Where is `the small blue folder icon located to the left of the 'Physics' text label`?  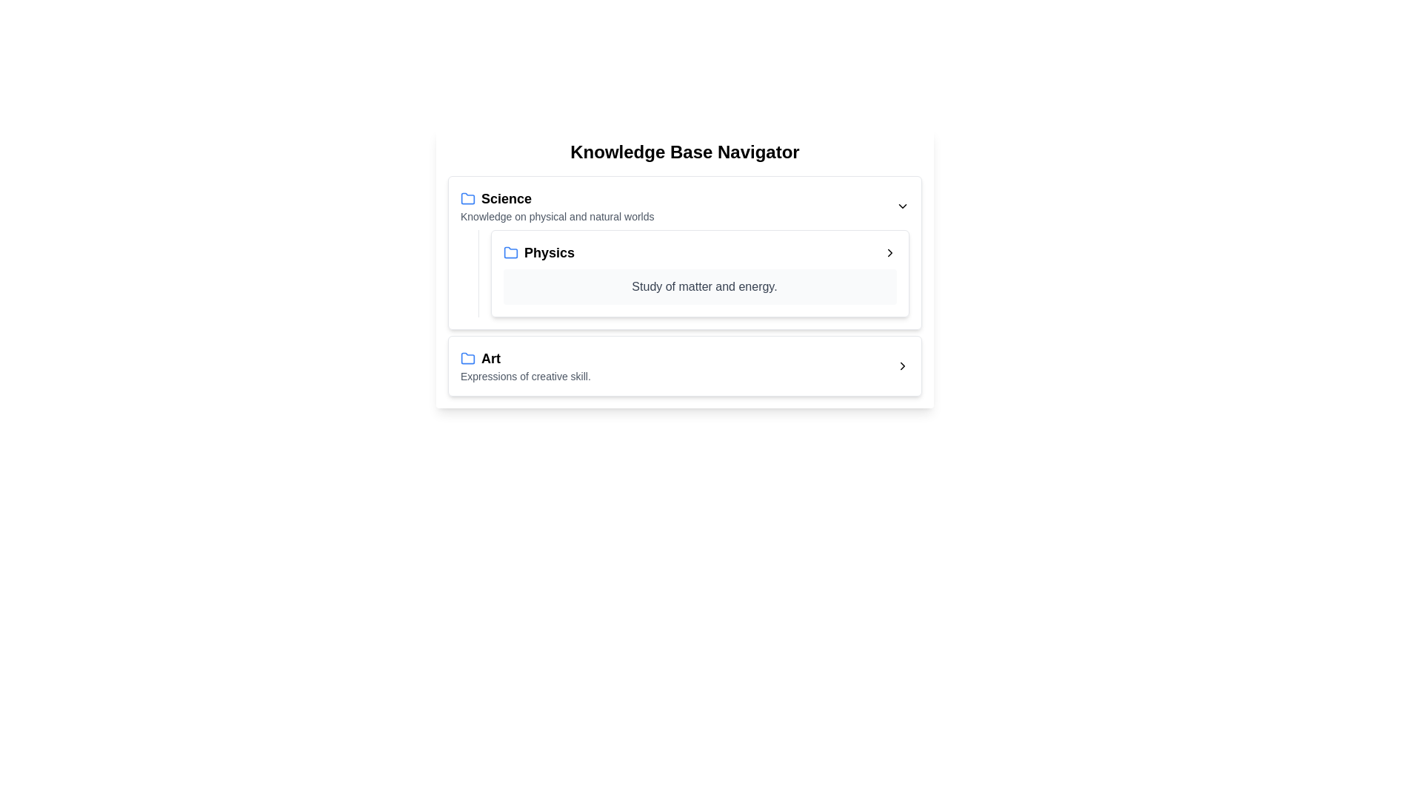 the small blue folder icon located to the left of the 'Physics' text label is located at coordinates (511, 252).